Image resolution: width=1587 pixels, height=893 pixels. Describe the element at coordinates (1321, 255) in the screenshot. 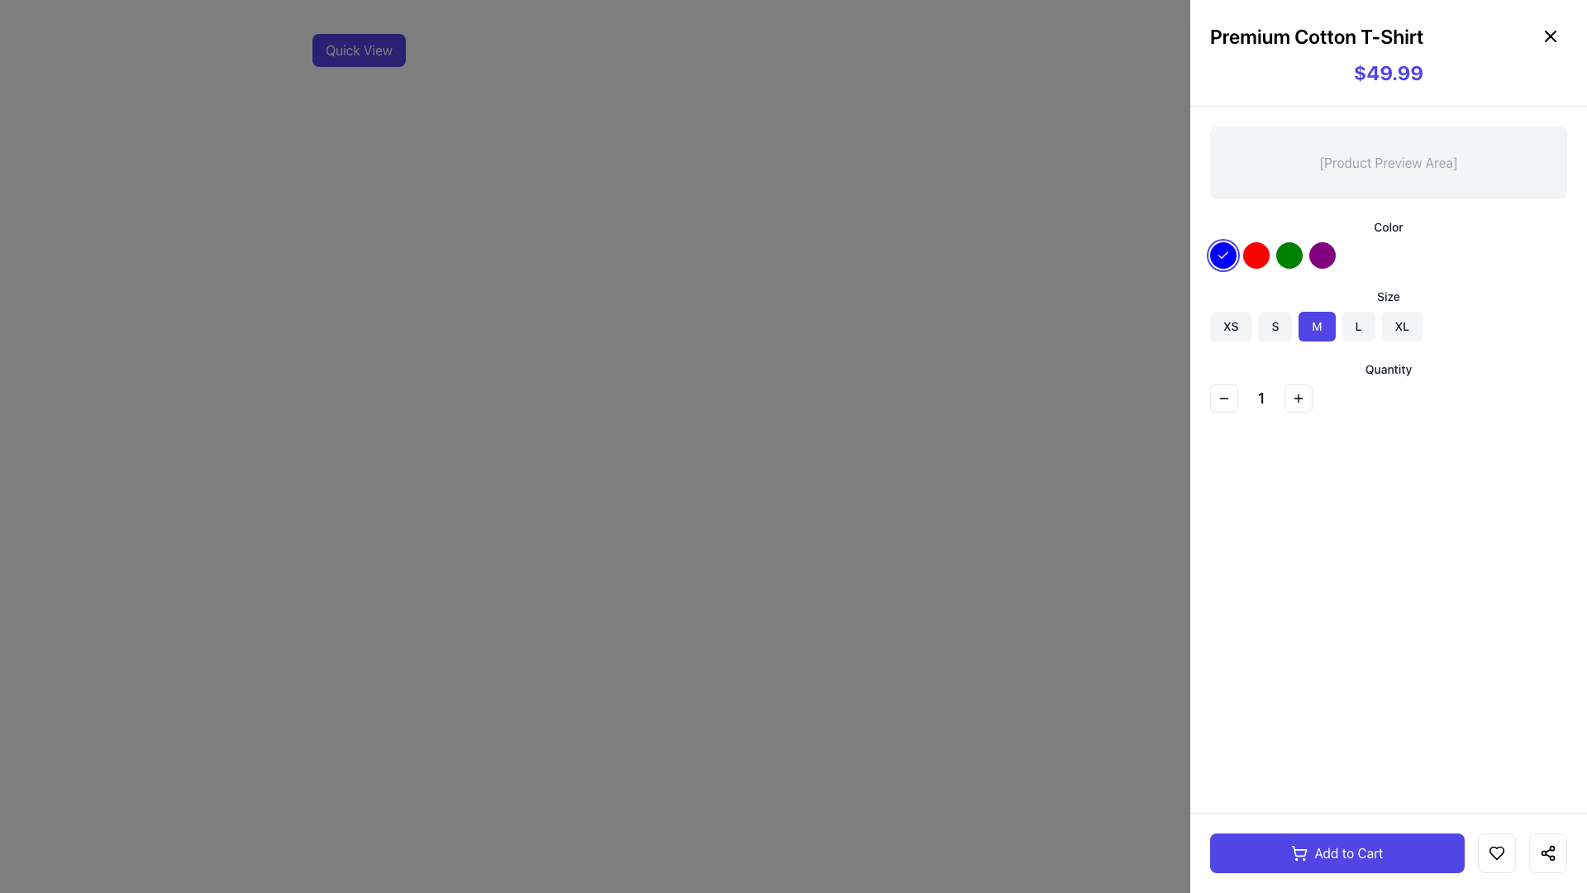

I see `the sixth circular button on the far right that selects the purple variant of the product` at that location.